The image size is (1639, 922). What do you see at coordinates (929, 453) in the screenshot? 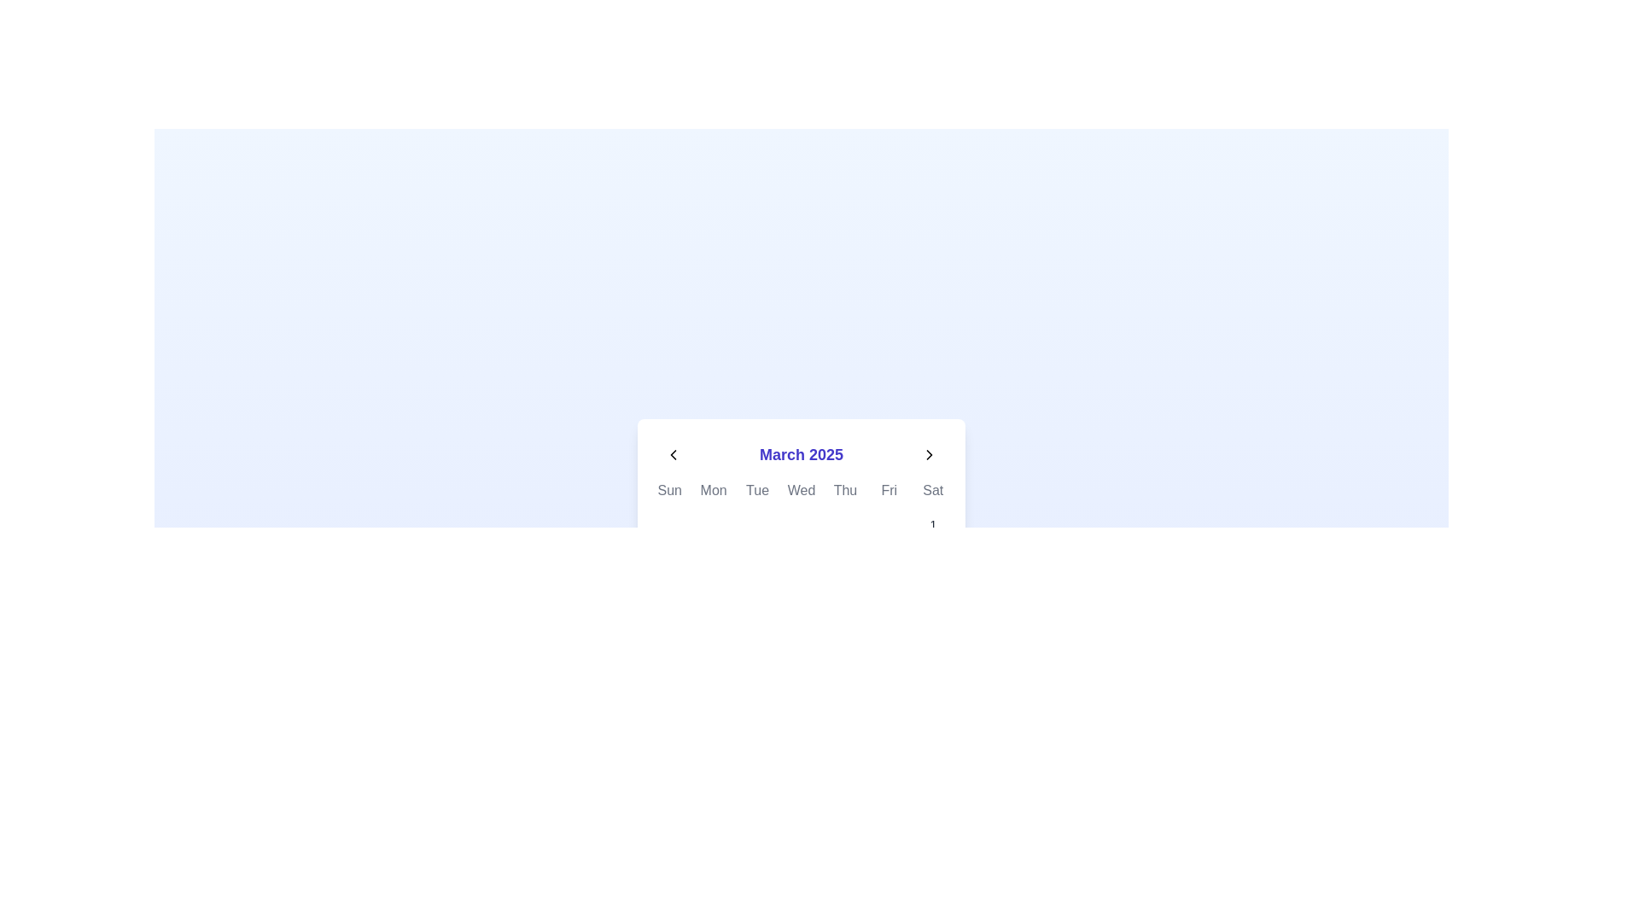
I see `the 'next month' button located on the far right of the calendar component` at bounding box center [929, 453].